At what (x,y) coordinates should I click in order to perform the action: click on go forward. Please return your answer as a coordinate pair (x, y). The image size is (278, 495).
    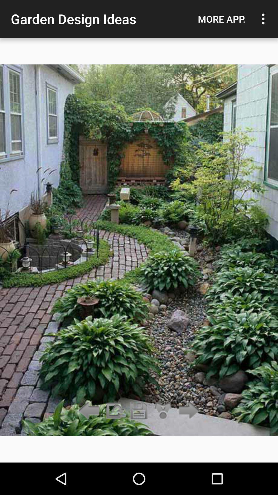
    Looking at the image, I should click on (188, 411).